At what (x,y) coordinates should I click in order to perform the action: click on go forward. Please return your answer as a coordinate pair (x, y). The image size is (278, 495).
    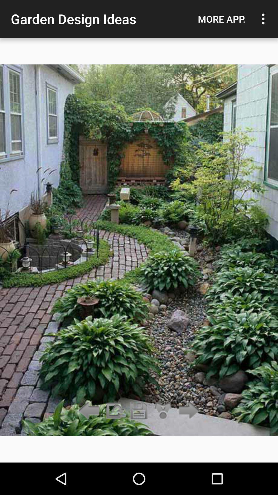
    Looking at the image, I should click on (188, 411).